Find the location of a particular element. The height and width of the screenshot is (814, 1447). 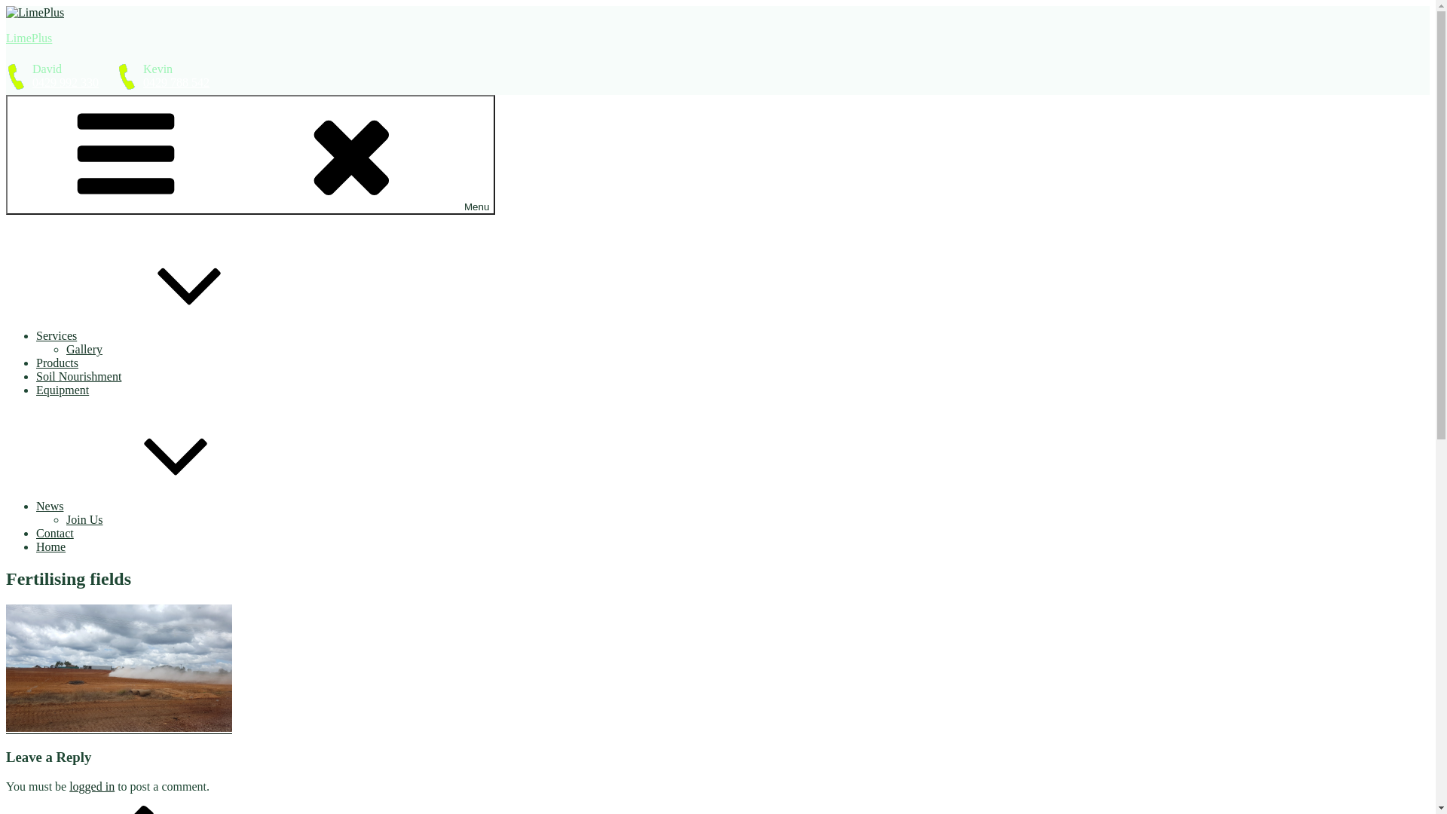

'logged in' is located at coordinates (90, 785).